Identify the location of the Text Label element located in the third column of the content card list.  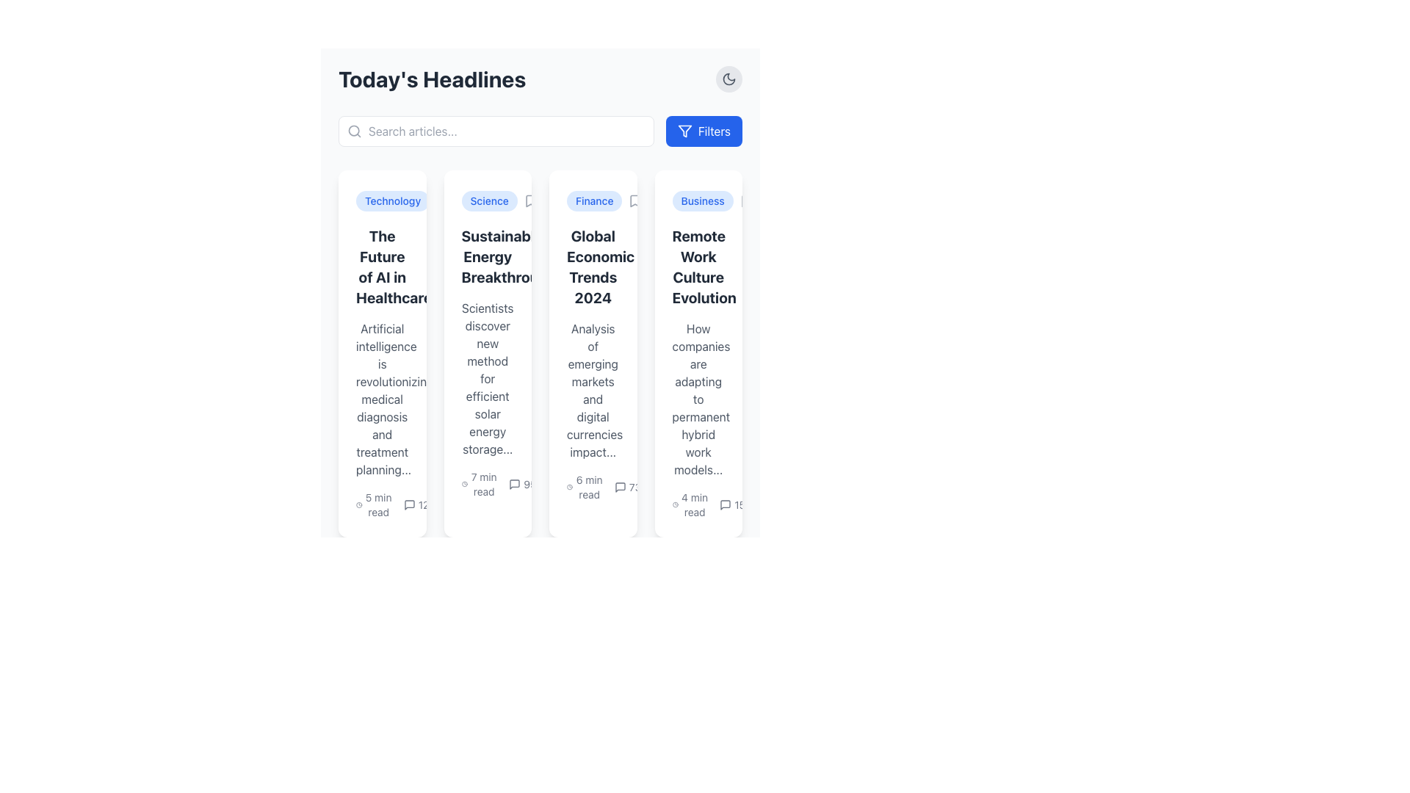
(593, 267).